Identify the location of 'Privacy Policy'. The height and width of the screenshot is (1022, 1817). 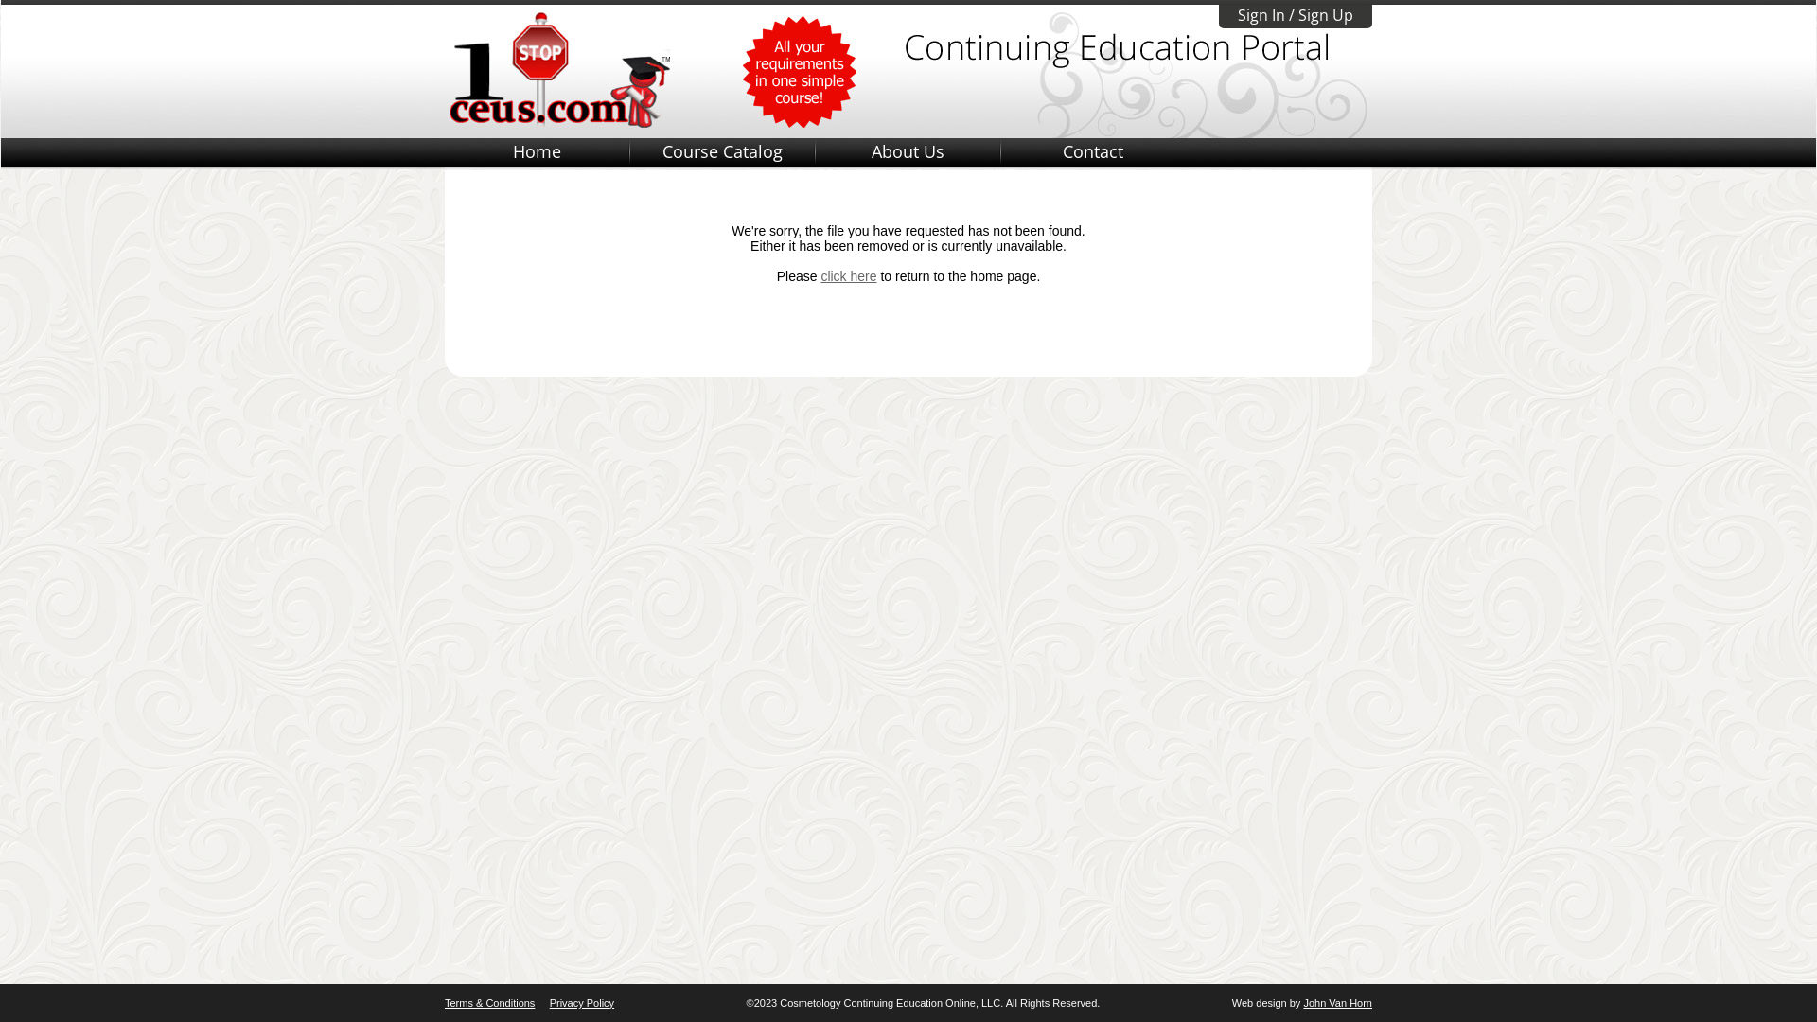
(580, 1002).